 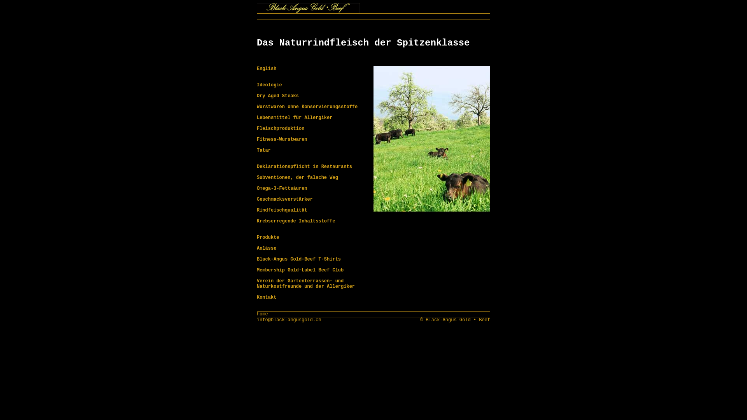 What do you see at coordinates (304, 166) in the screenshot?
I see `'Deklarationspflicht in Restaurants'` at bounding box center [304, 166].